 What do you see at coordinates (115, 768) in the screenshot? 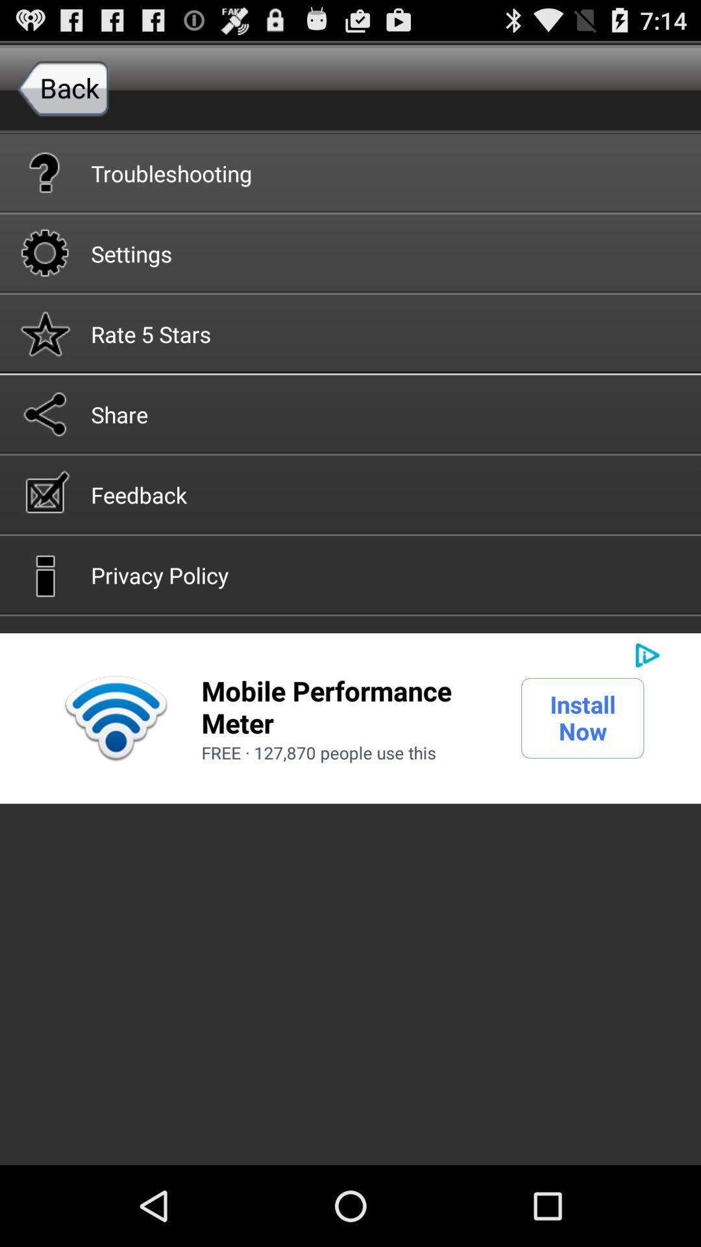
I see `the network_wifi icon` at bounding box center [115, 768].